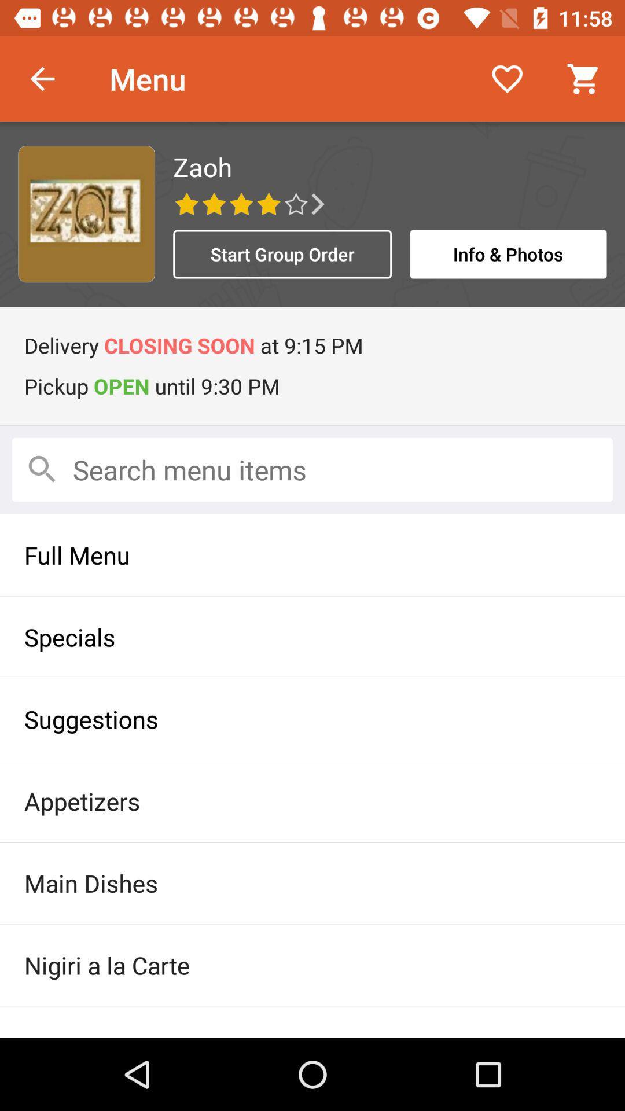 This screenshot has width=625, height=1111. What do you see at coordinates (312, 636) in the screenshot?
I see `specials` at bounding box center [312, 636].